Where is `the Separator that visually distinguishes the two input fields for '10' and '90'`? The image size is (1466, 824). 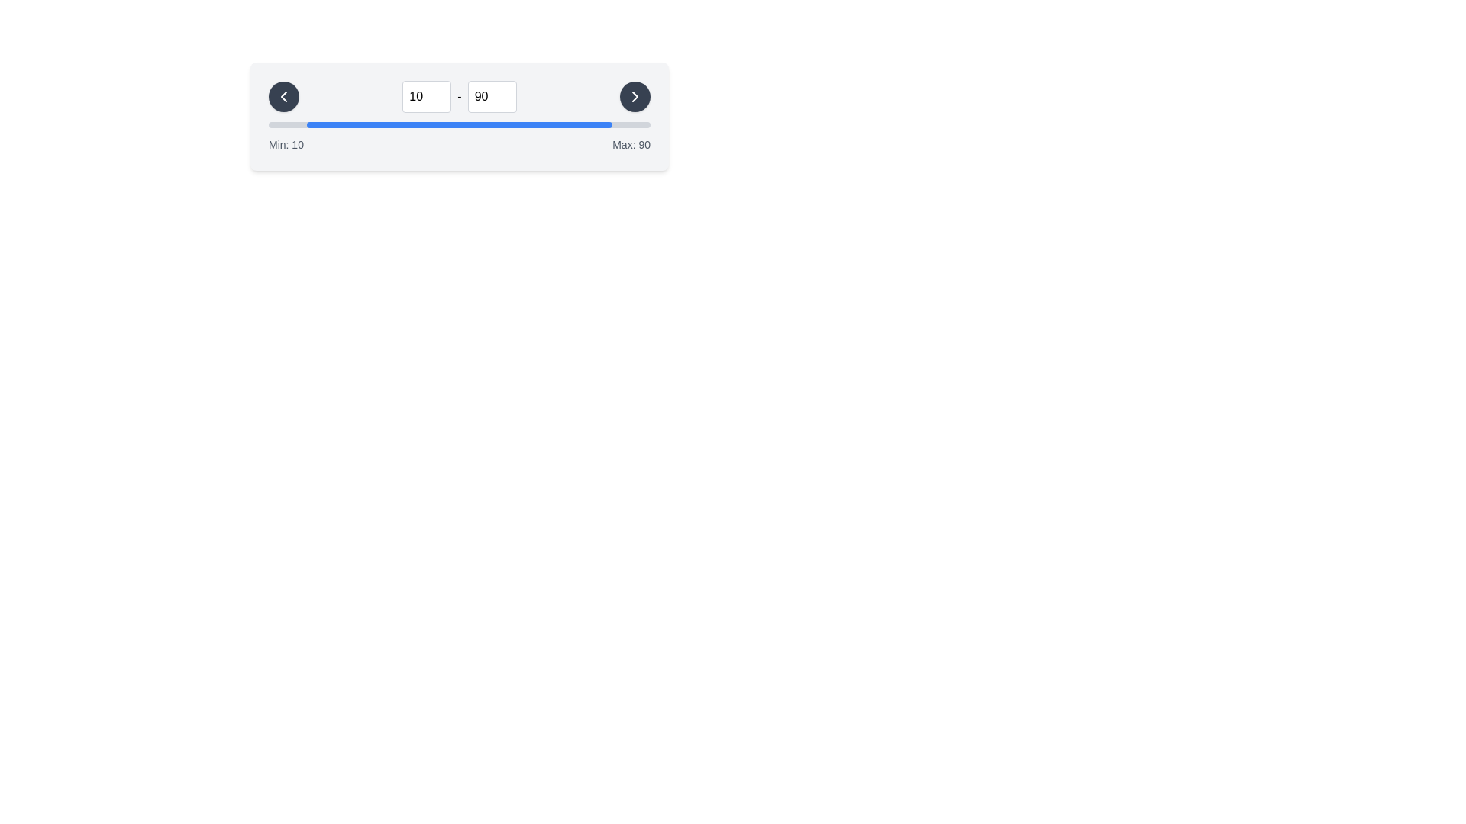 the Separator that visually distinguishes the two input fields for '10' and '90' is located at coordinates (458, 97).